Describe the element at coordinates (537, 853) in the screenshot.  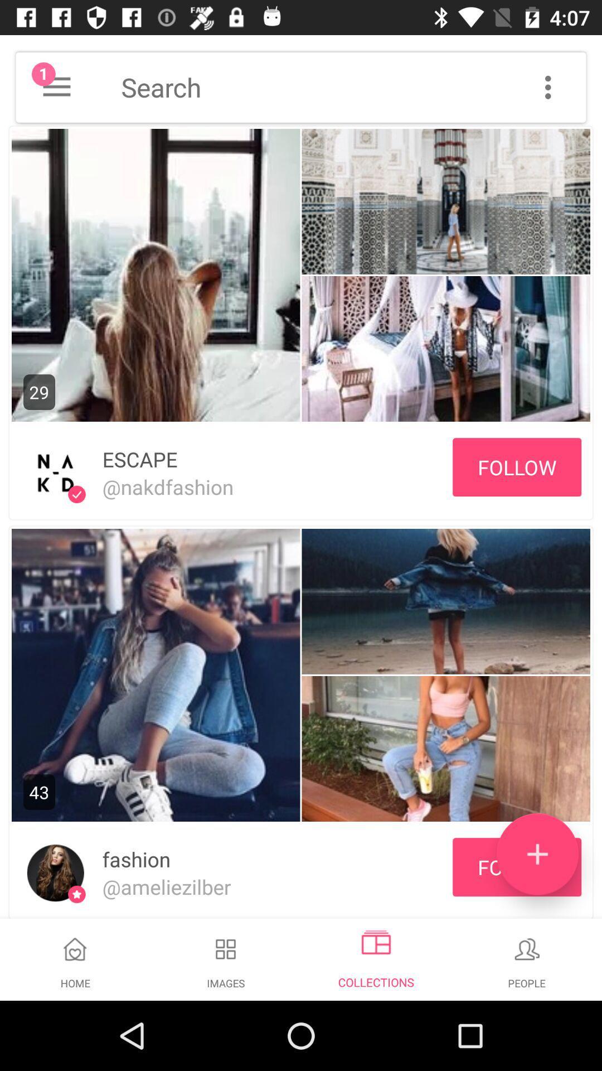
I see `the add icon` at that location.